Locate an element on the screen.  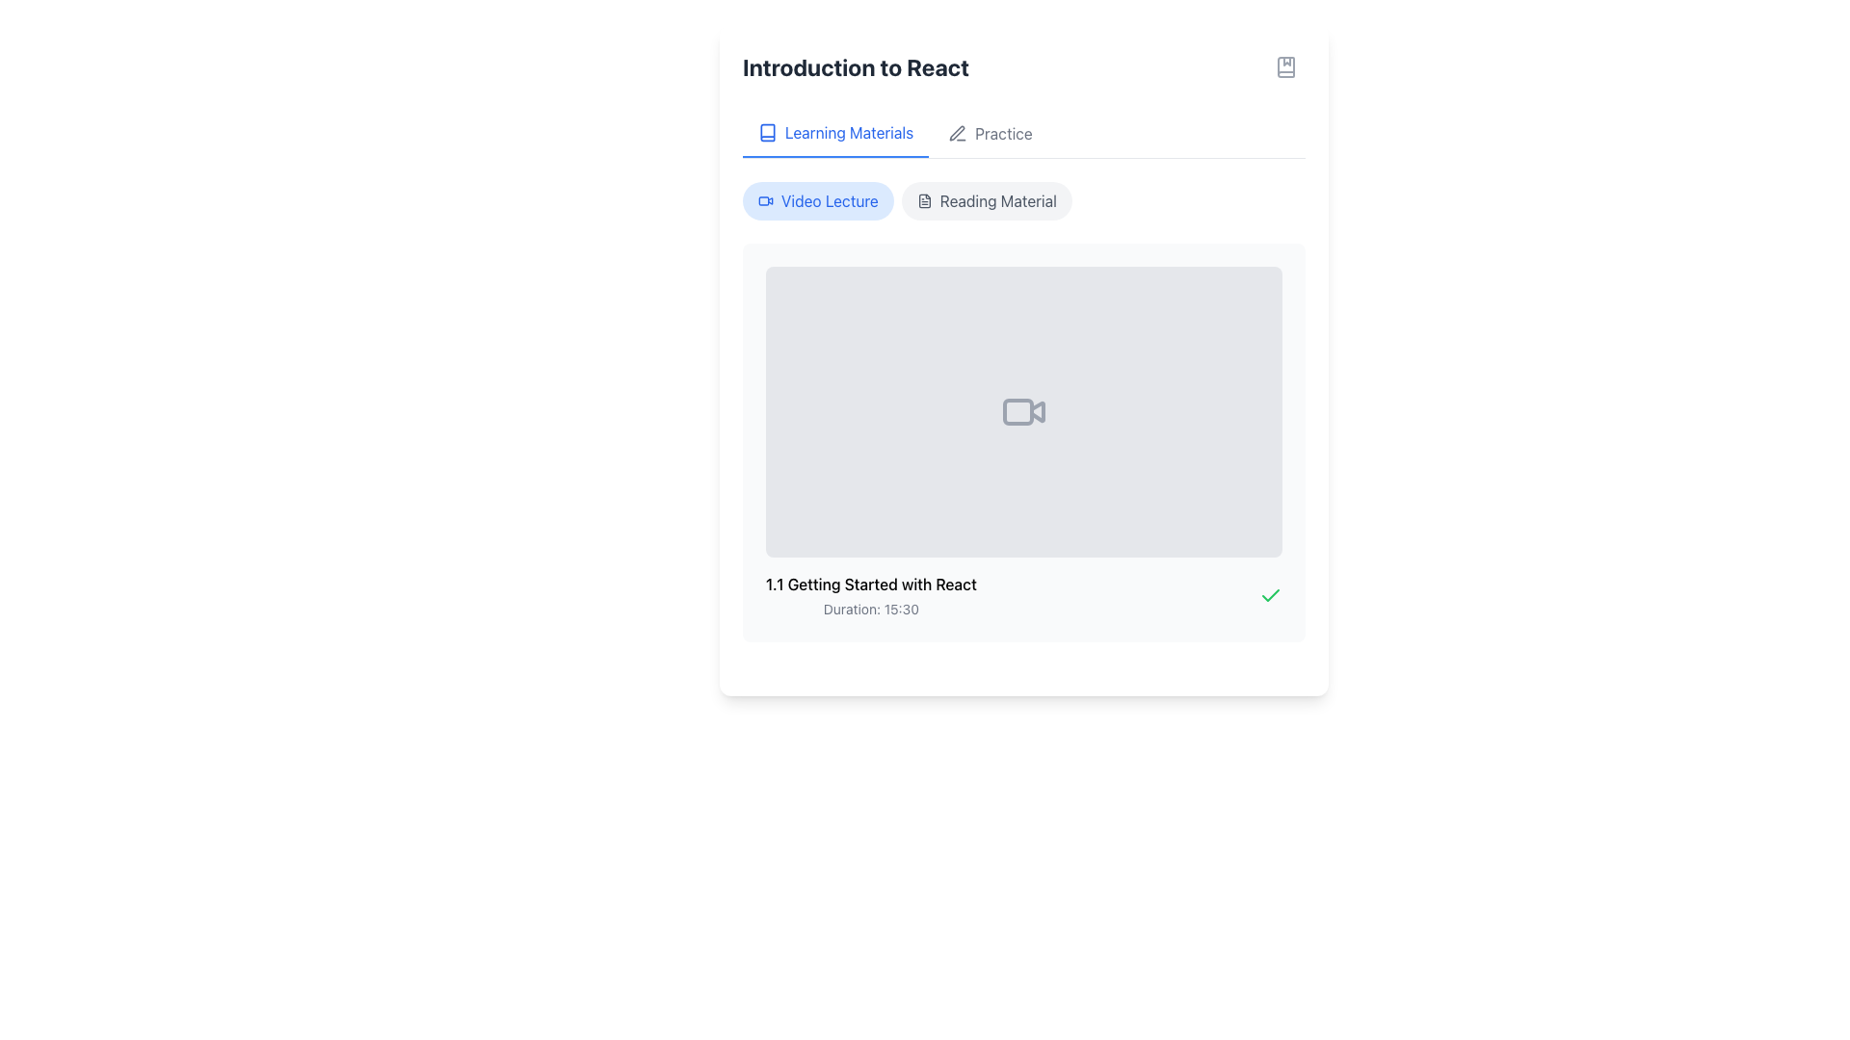
the 'Learning Materials' text label is located at coordinates (848, 132).